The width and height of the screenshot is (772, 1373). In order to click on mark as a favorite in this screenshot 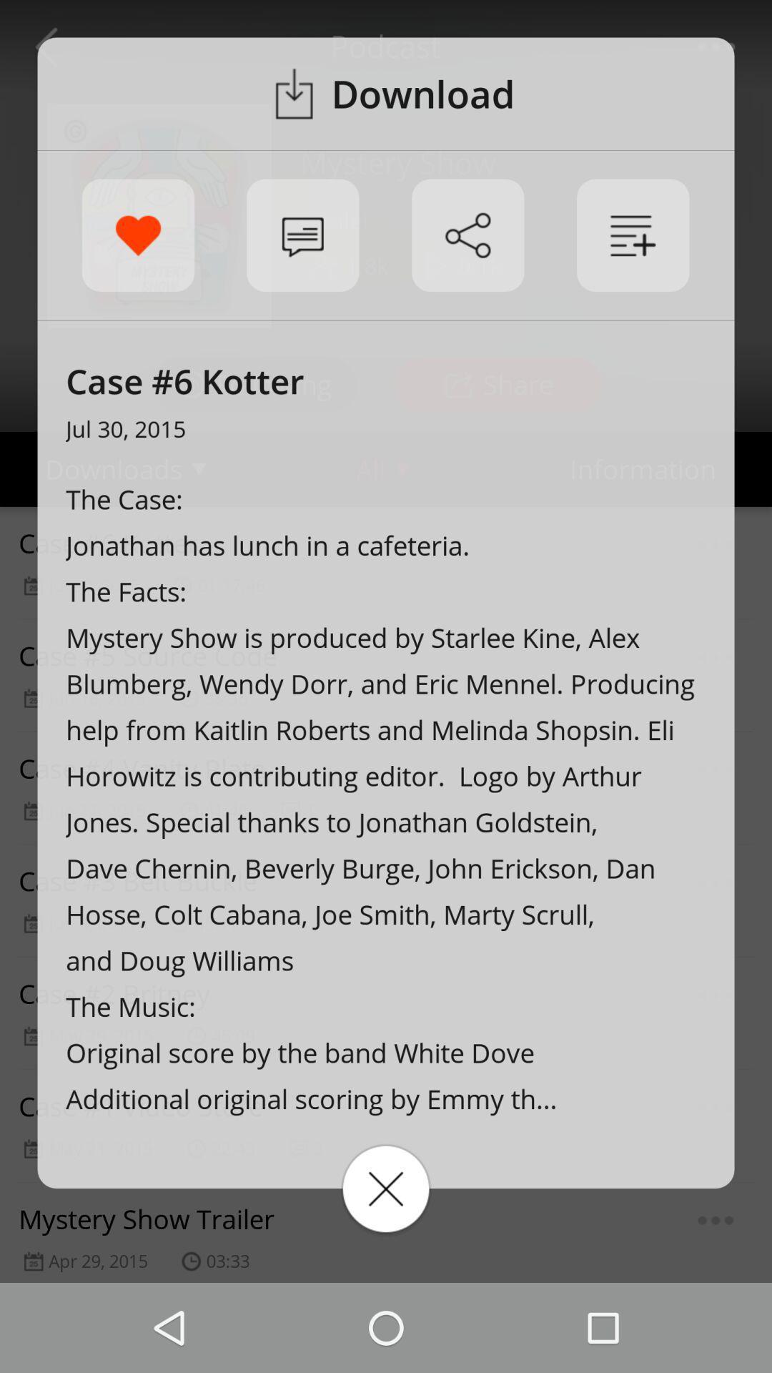, I will do `click(138, 235)`.